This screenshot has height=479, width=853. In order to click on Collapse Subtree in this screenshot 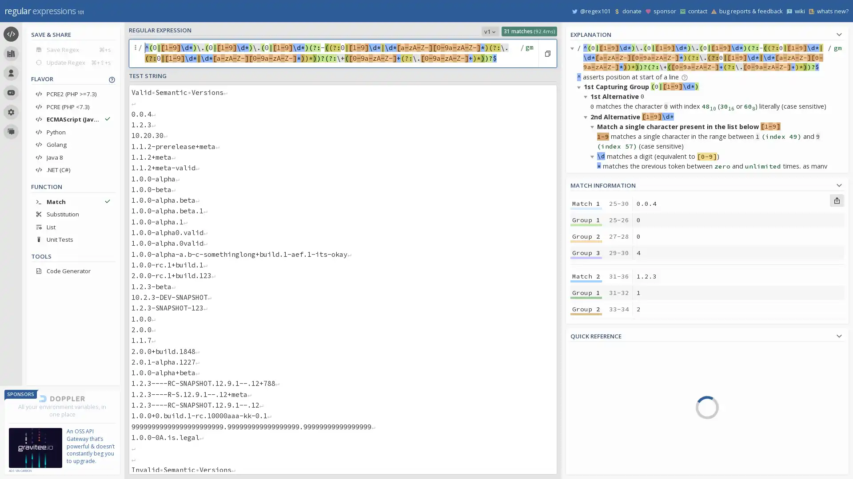, I will do `click(587, 96)`.